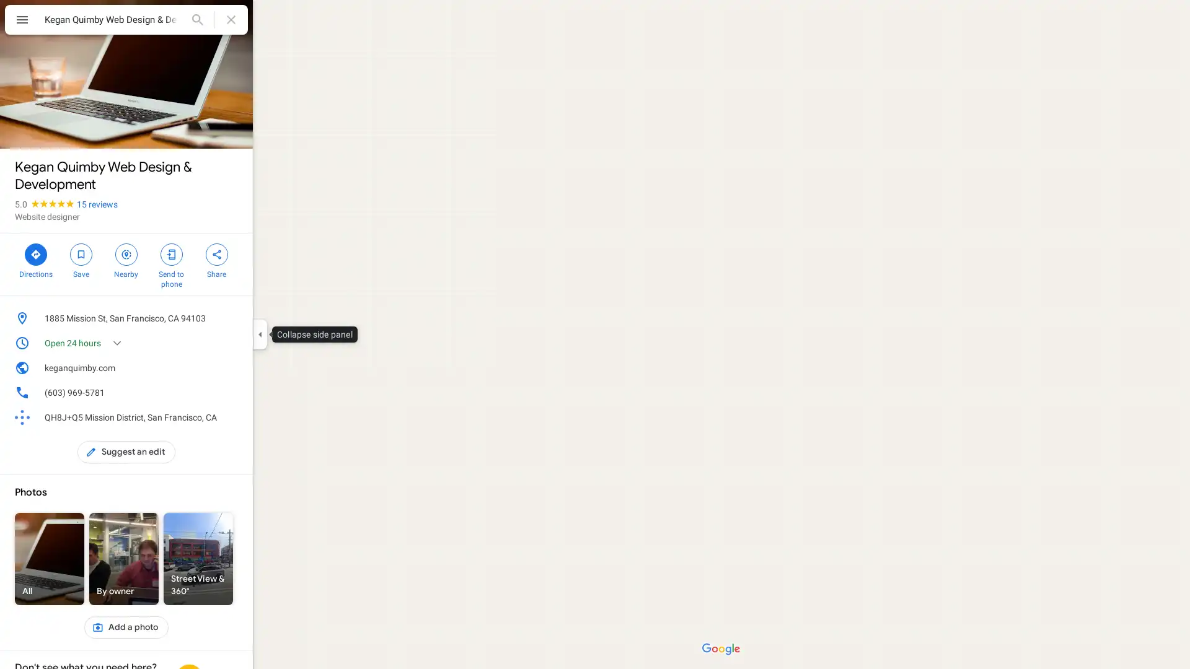 The image size is (1190, 669). Describe the element at coordinates (126, 259) in the screenshot. I see `Search nearby Kegan Quimby Web Design & Development` at that location.